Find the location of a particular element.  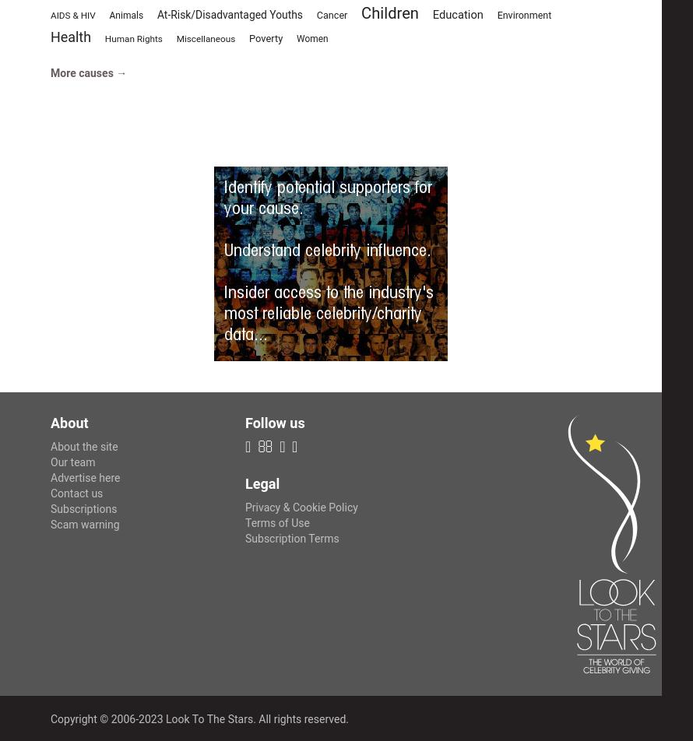

'Our team' is located at coordinates (72, 462).